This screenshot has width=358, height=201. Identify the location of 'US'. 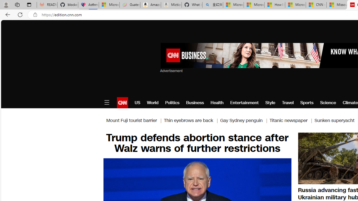
(137, 102).